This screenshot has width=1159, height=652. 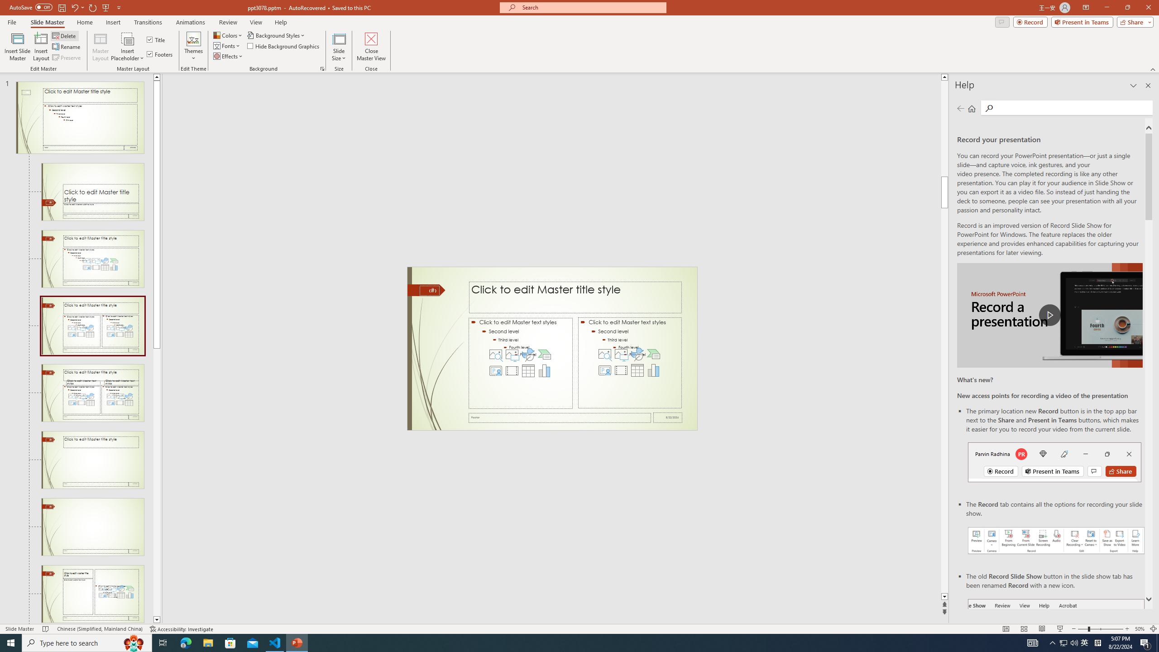 I want to click on 'Insert Table', so click(x=637, y=369).